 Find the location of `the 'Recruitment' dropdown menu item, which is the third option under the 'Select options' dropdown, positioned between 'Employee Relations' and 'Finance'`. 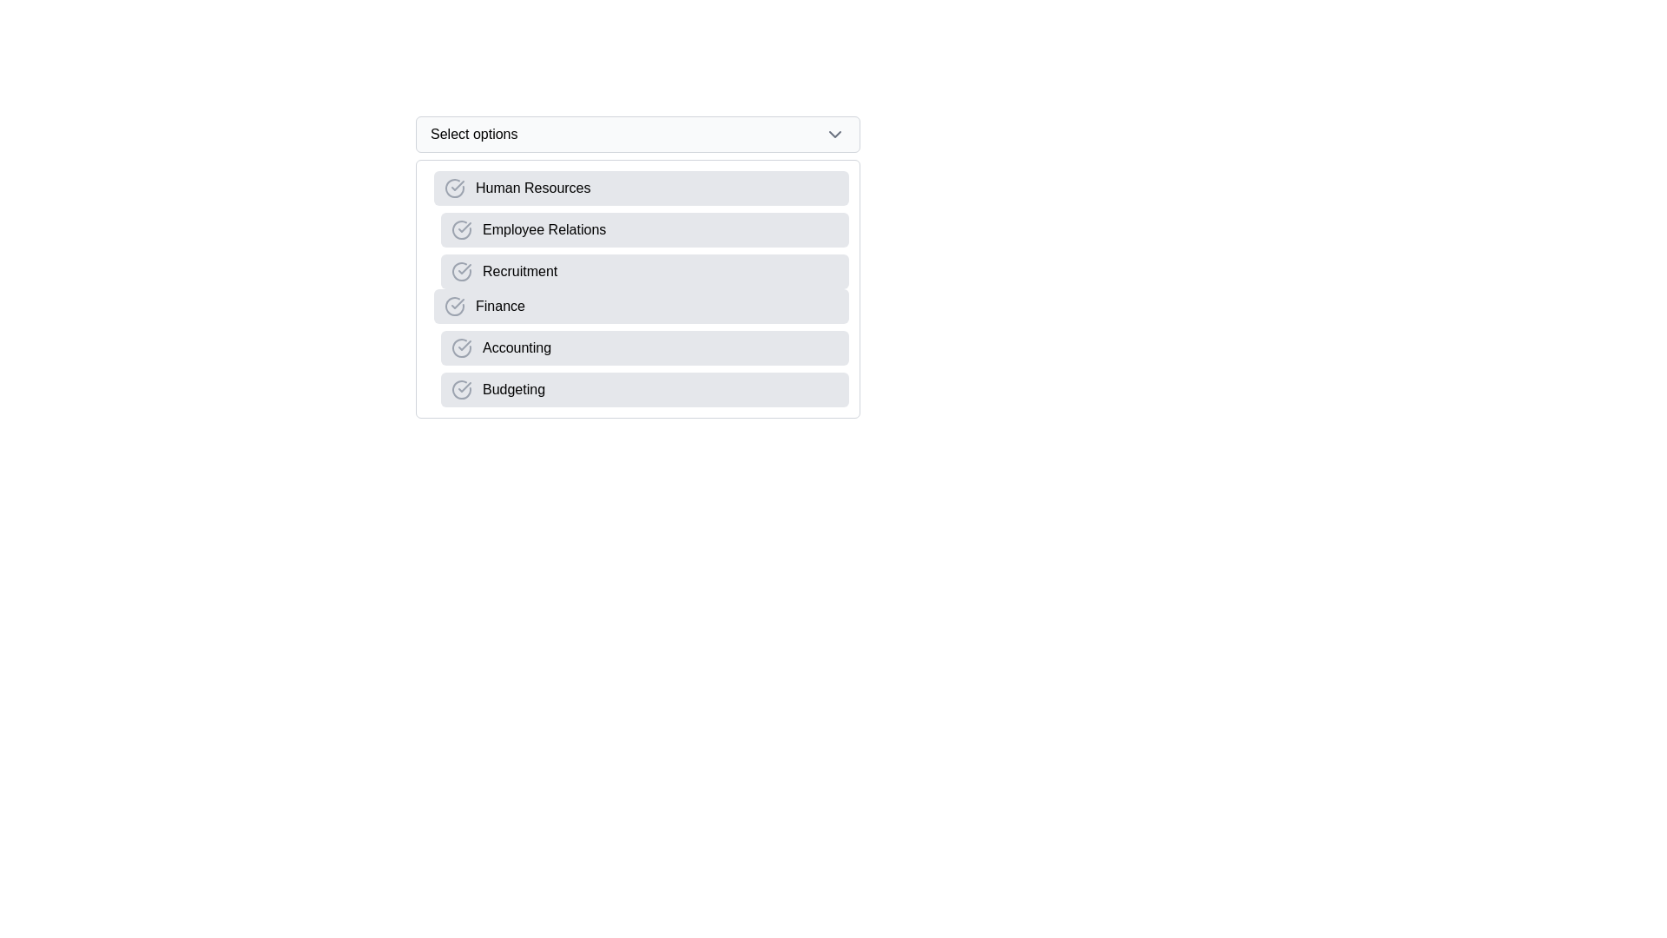

the 'Recruitment' dropdown menu item, which is the third option under the 'Select options' dropdown, positioned between 'Employee Relations' and 'Finance' is located at coordinates (644, 271).